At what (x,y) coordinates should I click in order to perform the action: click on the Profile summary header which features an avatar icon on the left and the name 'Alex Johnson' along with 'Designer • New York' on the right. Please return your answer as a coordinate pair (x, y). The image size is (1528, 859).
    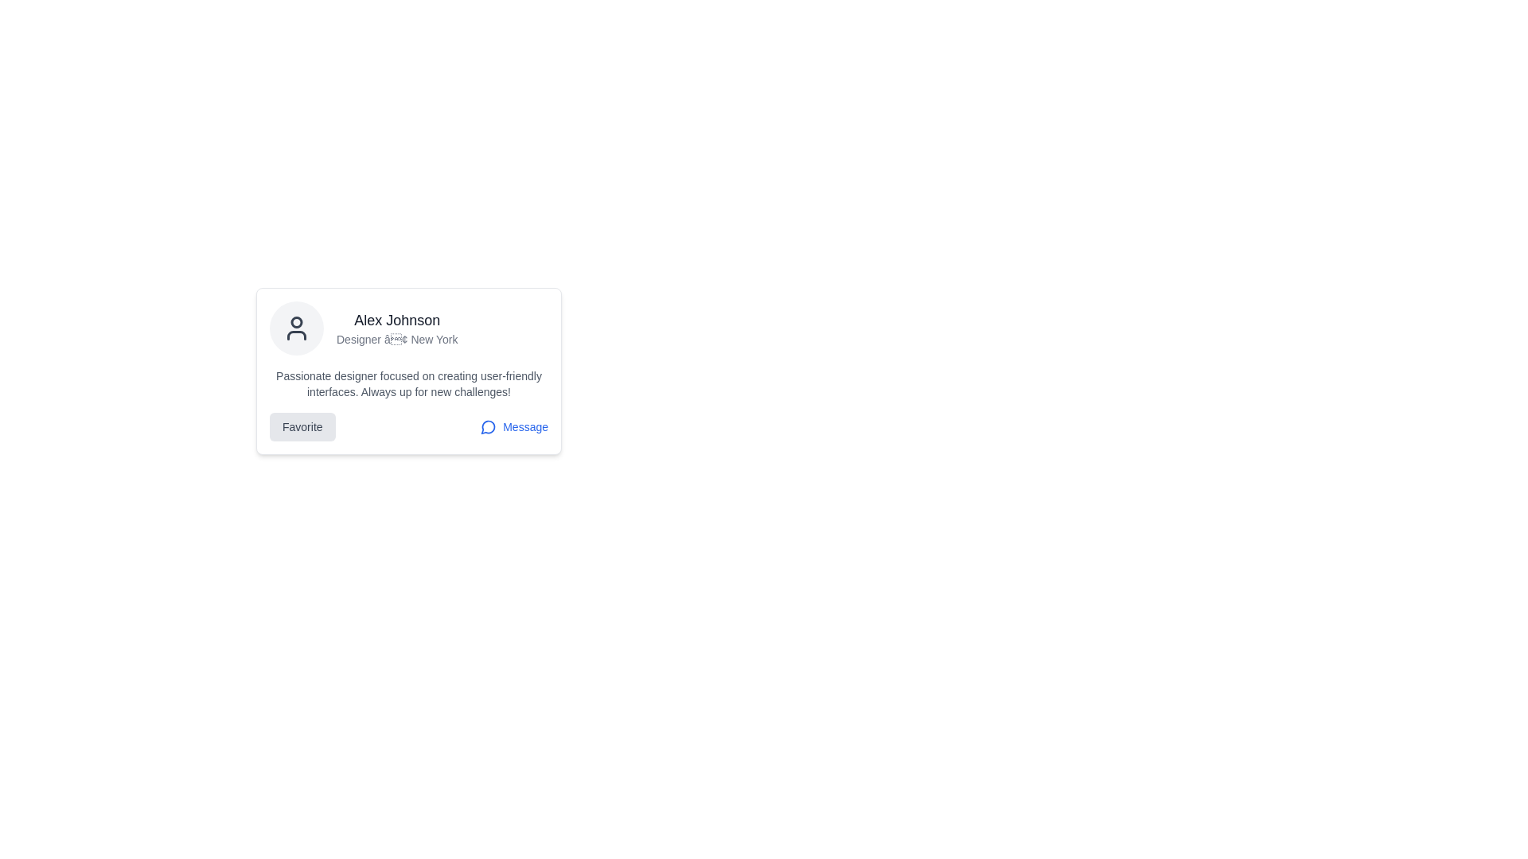
    Looking at the image, I should click on (408, 327).